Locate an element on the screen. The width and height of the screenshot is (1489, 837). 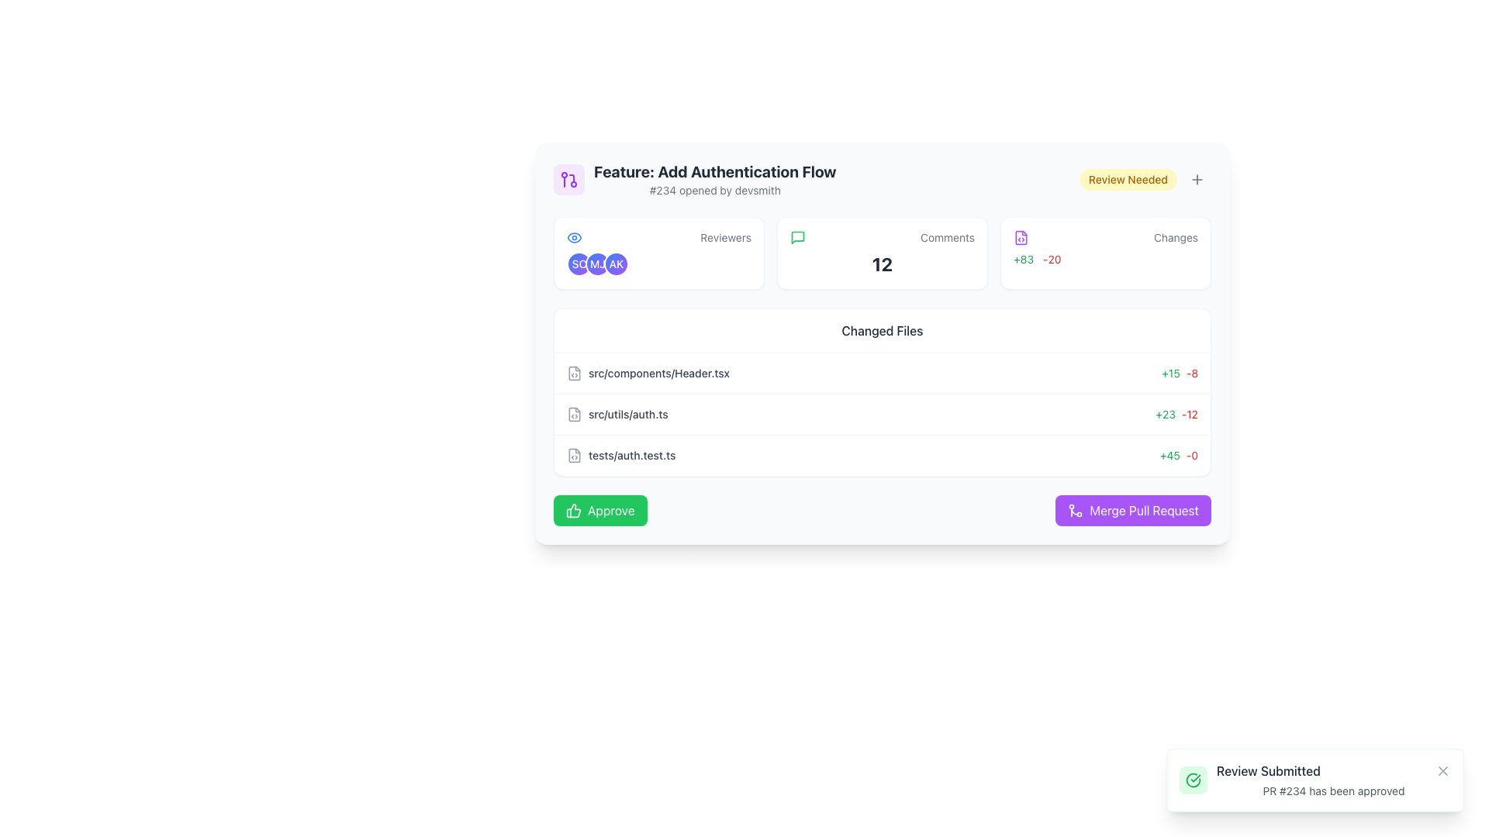
the text label that notifies the user of a successfully submitted review, located in the bottom-right corner of the interface, positioned to the left of the close button is located at coordinates (1268, 771).